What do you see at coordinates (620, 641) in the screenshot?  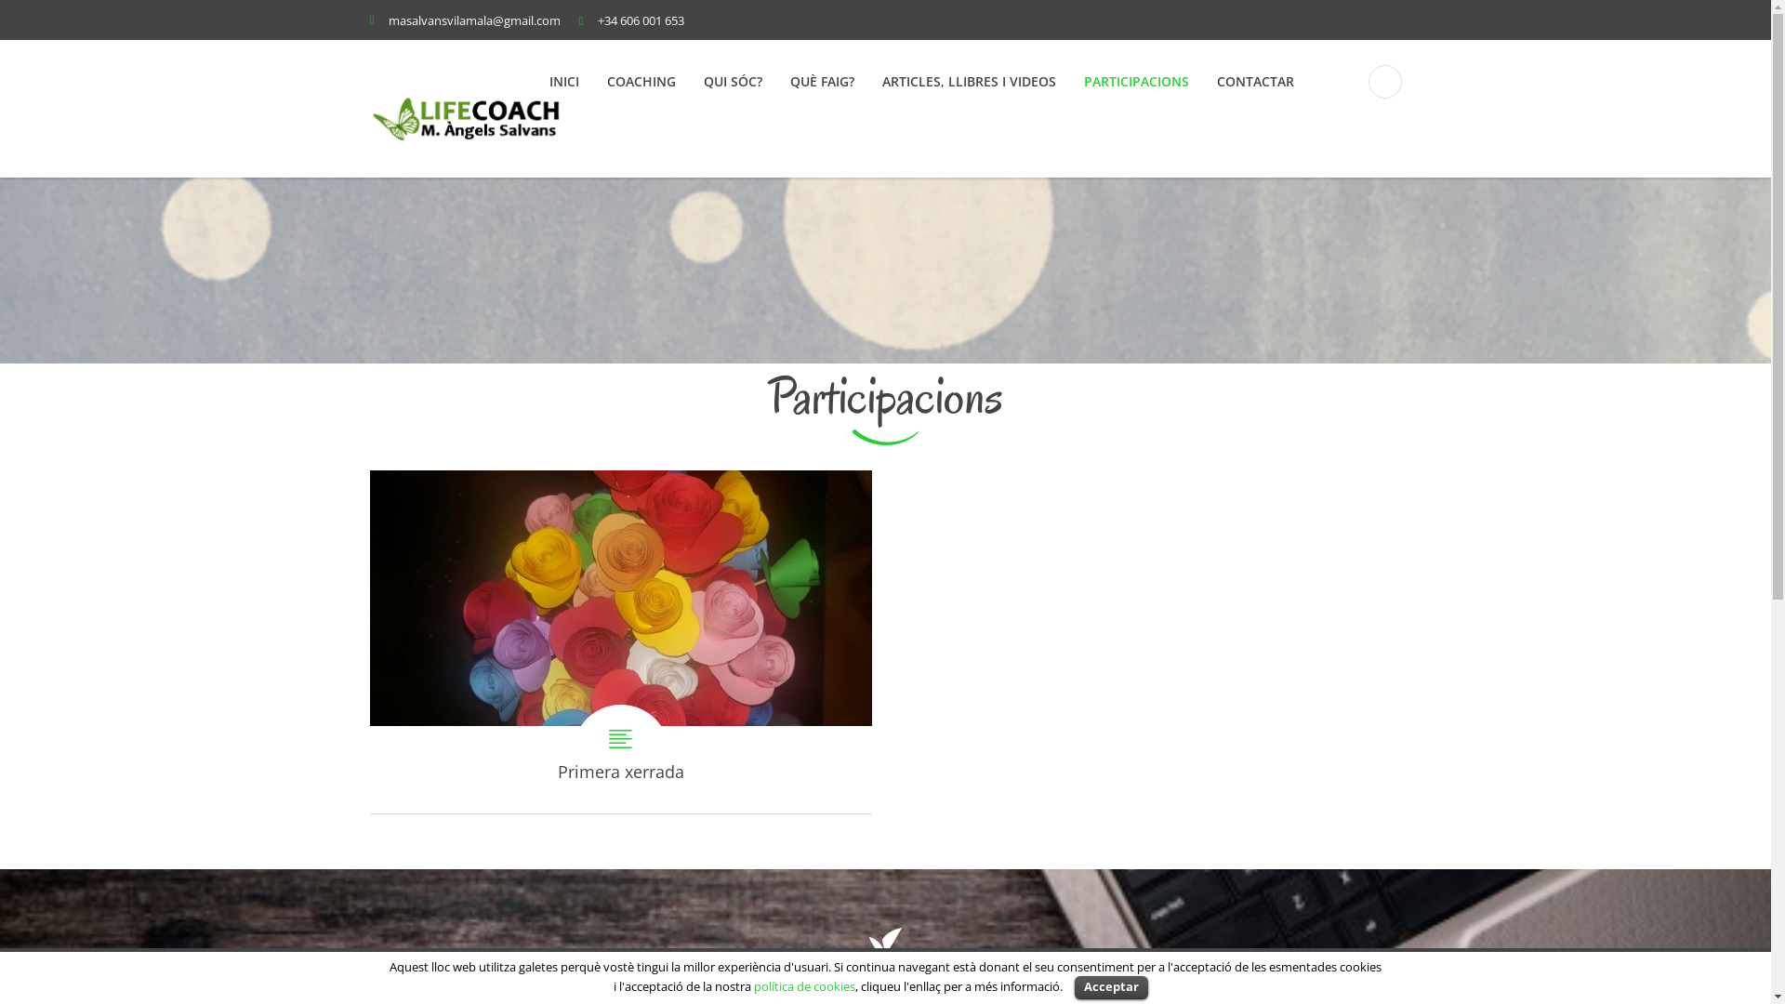 I see `'Primera xerrada'` at bounding box center [620, 641].